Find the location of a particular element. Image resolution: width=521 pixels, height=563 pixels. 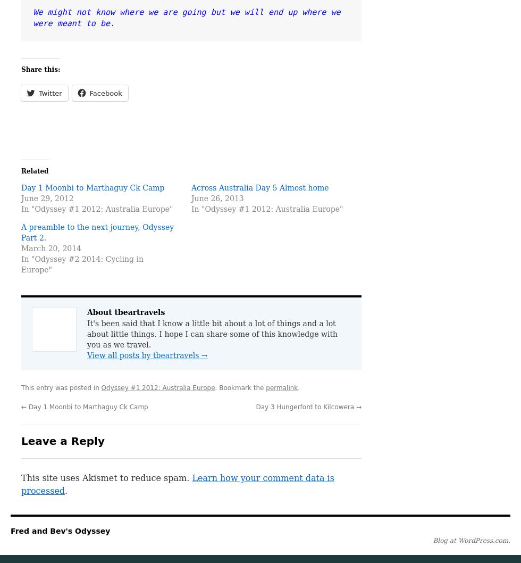

'About tbeartravels' is located at coordinates (125, 312).